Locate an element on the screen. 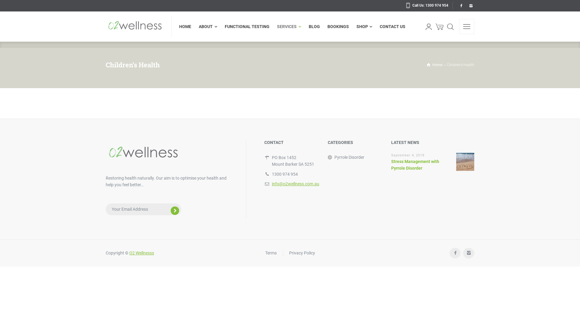  'info@o2wellness.com.au' is located at coordinates (295, 184).